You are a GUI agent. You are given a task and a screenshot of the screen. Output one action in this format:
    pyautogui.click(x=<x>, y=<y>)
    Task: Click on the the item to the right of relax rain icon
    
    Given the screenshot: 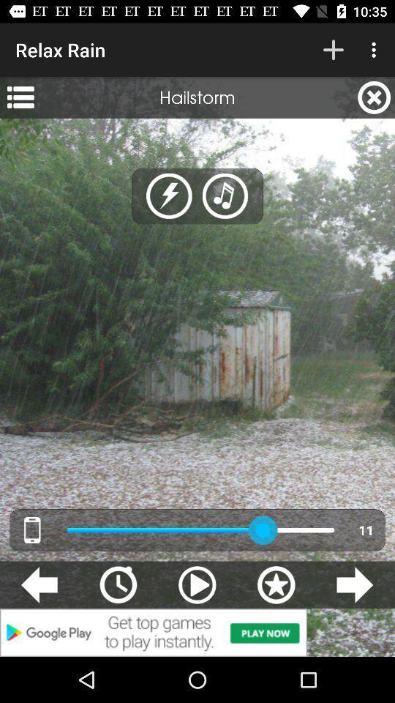 What is the action you would take?
    pyautogui.click(x=333, y=50)
    